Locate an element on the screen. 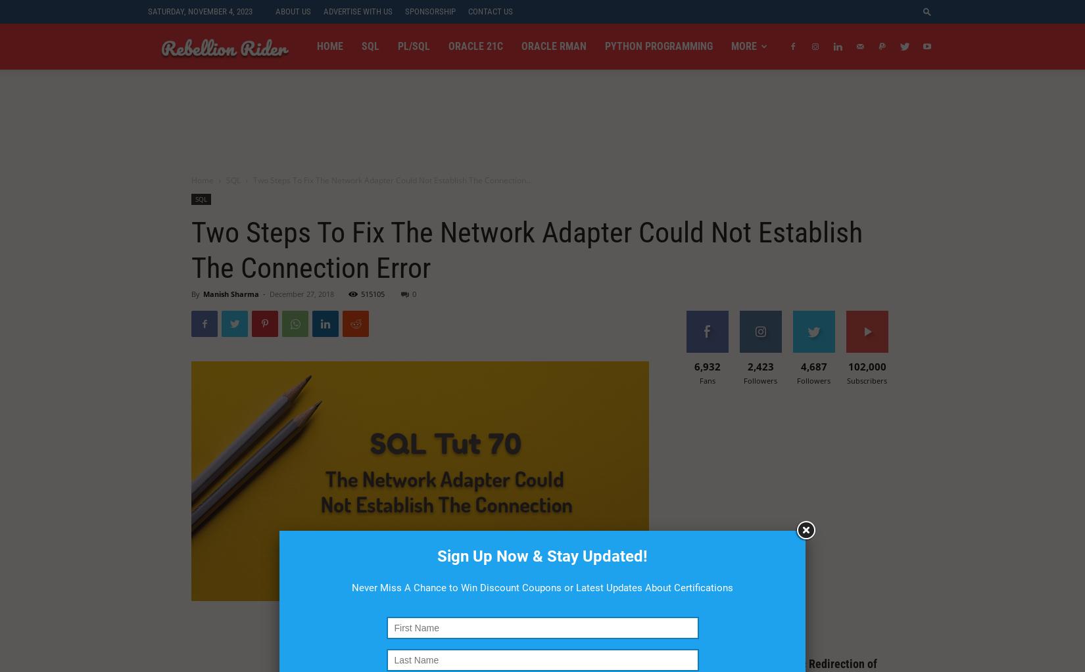 The height and width of the screenshot is (672, 1085). 'Python Programming' is located at coordinates (659, 45).